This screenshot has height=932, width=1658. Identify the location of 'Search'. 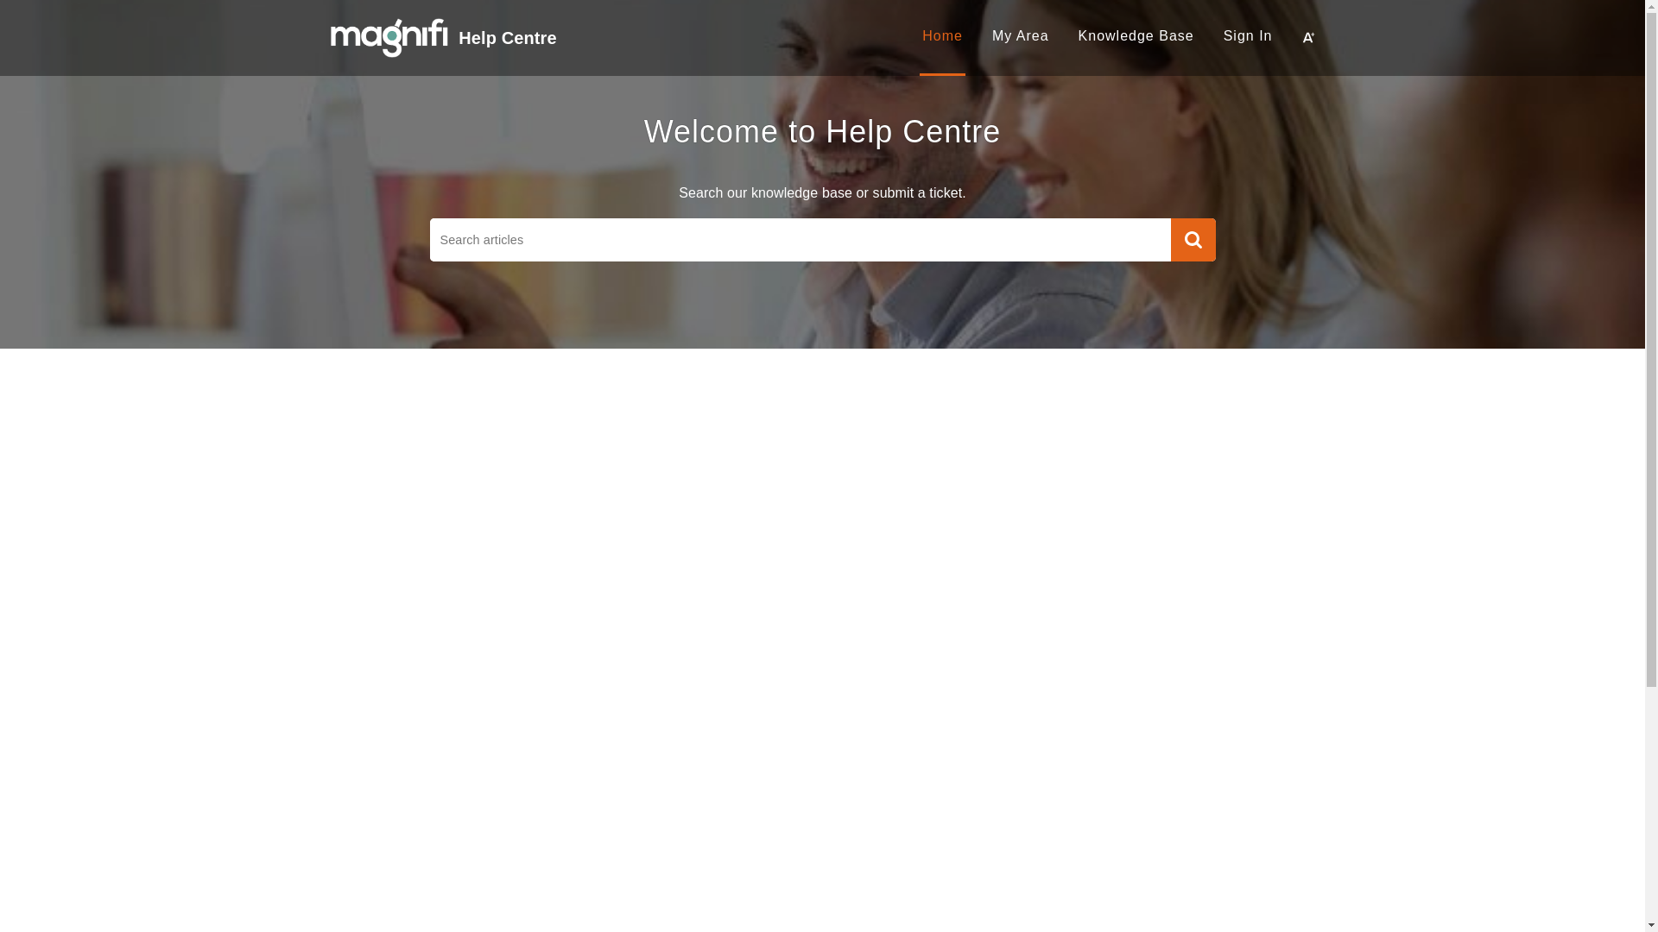
(1193, 239).